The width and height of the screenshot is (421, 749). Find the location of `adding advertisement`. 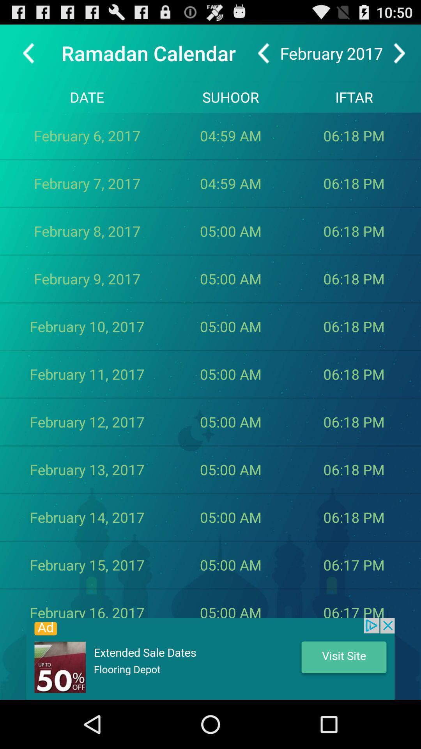

adding advertisement is located at coordinates (210, 658).